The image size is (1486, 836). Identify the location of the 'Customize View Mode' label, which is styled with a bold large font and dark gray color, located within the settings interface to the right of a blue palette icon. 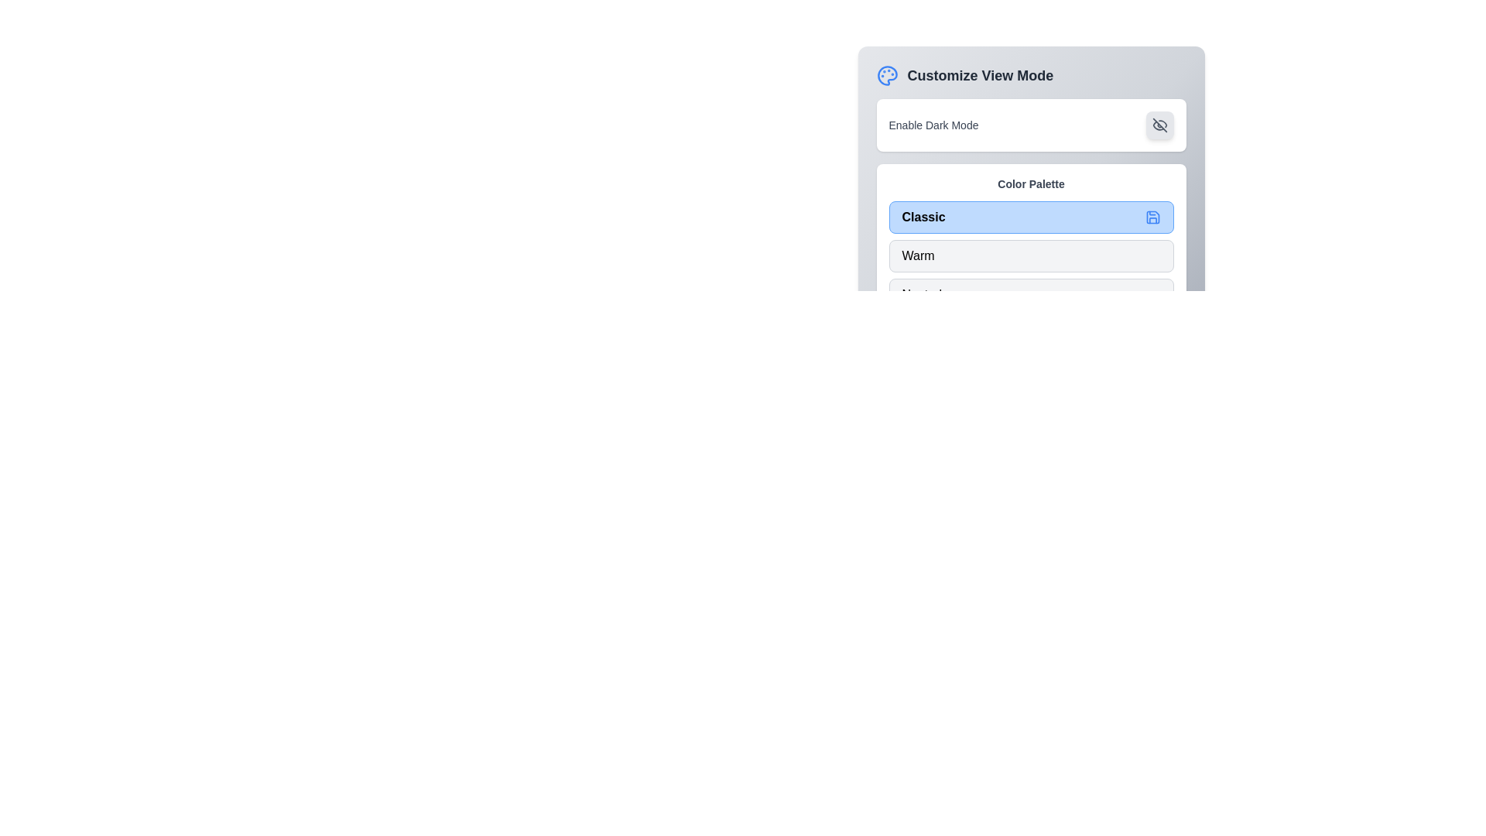
(979, 75).